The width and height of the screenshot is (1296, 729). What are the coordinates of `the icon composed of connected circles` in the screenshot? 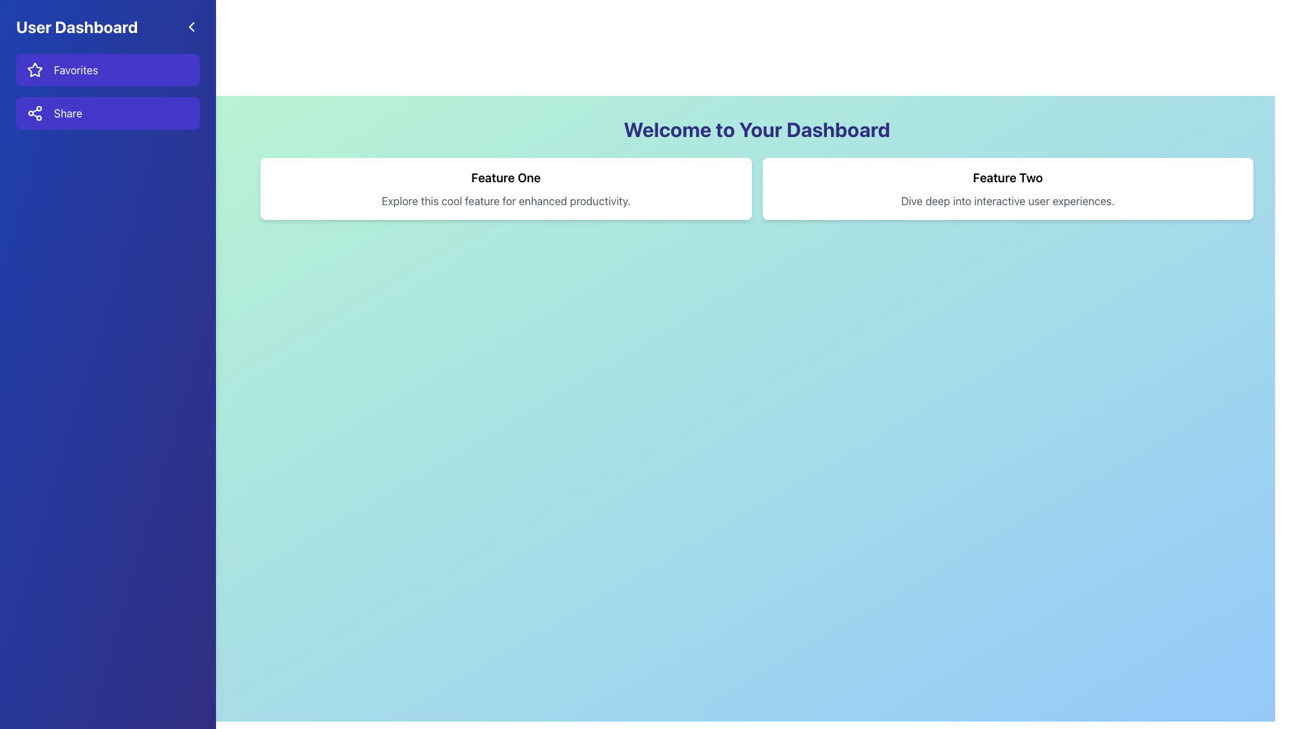 It's located at (35, 113).